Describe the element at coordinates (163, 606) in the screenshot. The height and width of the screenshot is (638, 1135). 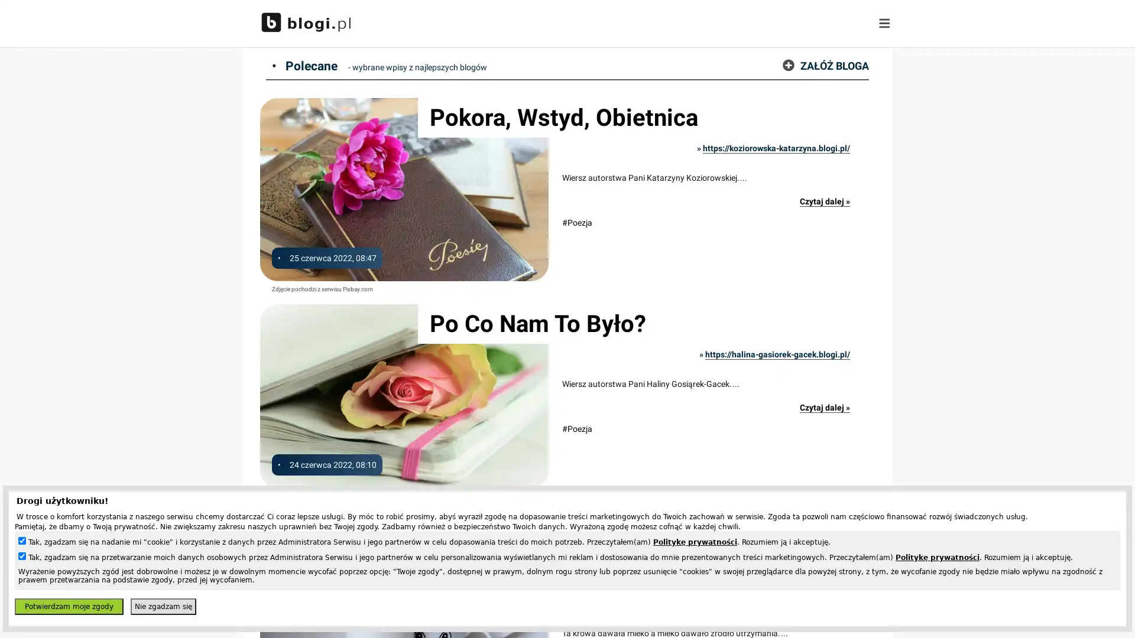
I see `Nie zgadzam sie` at that location.